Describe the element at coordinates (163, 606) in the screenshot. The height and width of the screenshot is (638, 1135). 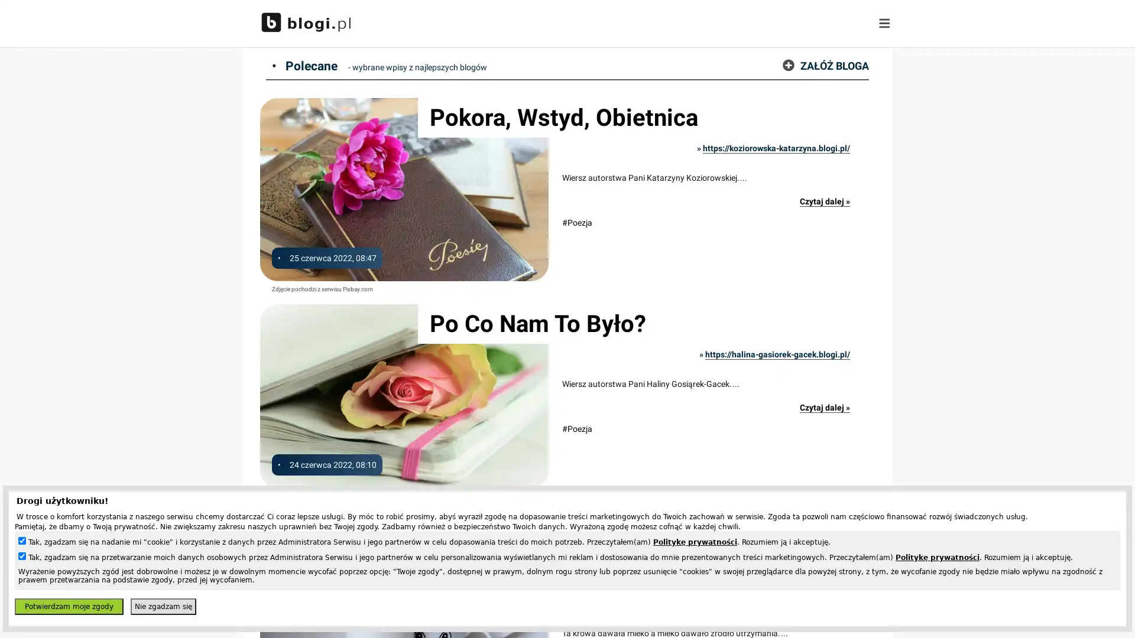
I see `Nie zgadzam sie` at that location.